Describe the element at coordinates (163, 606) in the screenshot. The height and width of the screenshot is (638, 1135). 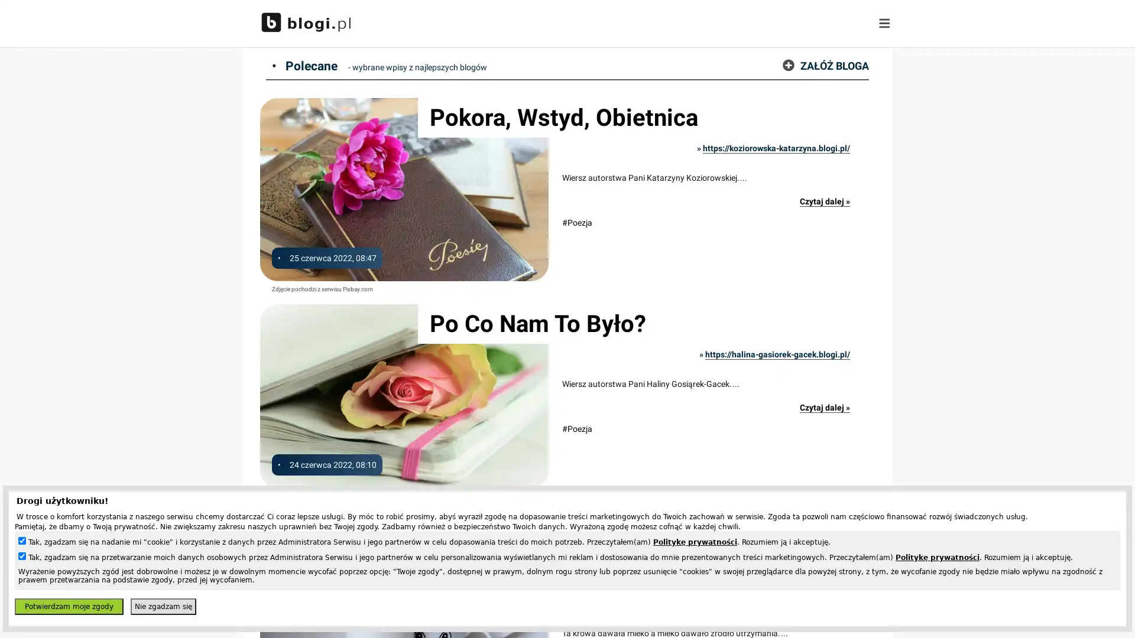
I see `Nie zgadzam sie` at that location.